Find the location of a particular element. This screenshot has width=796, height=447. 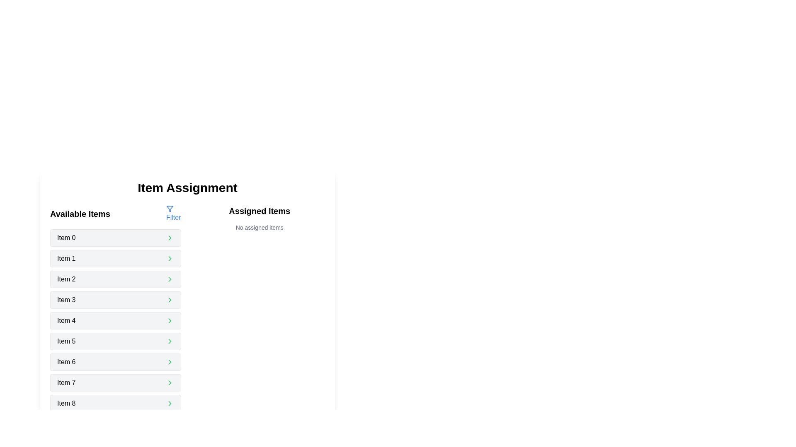

the chevron icon located at the far-right of 'Item 5' is located at coordinates (169, 341).